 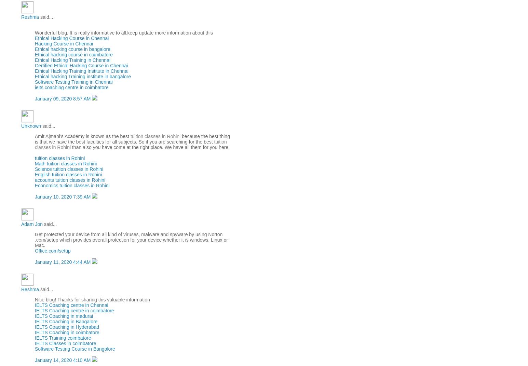 What do you see at coordinates (131, 239) in the screenshot?
I see `'Get protected your device from all kind of viruses, malware and spyware by using Norton .com/setup which provides overall protection for your device whether it is windows, Linux or Mac.'` at bounding box center [131, 239].